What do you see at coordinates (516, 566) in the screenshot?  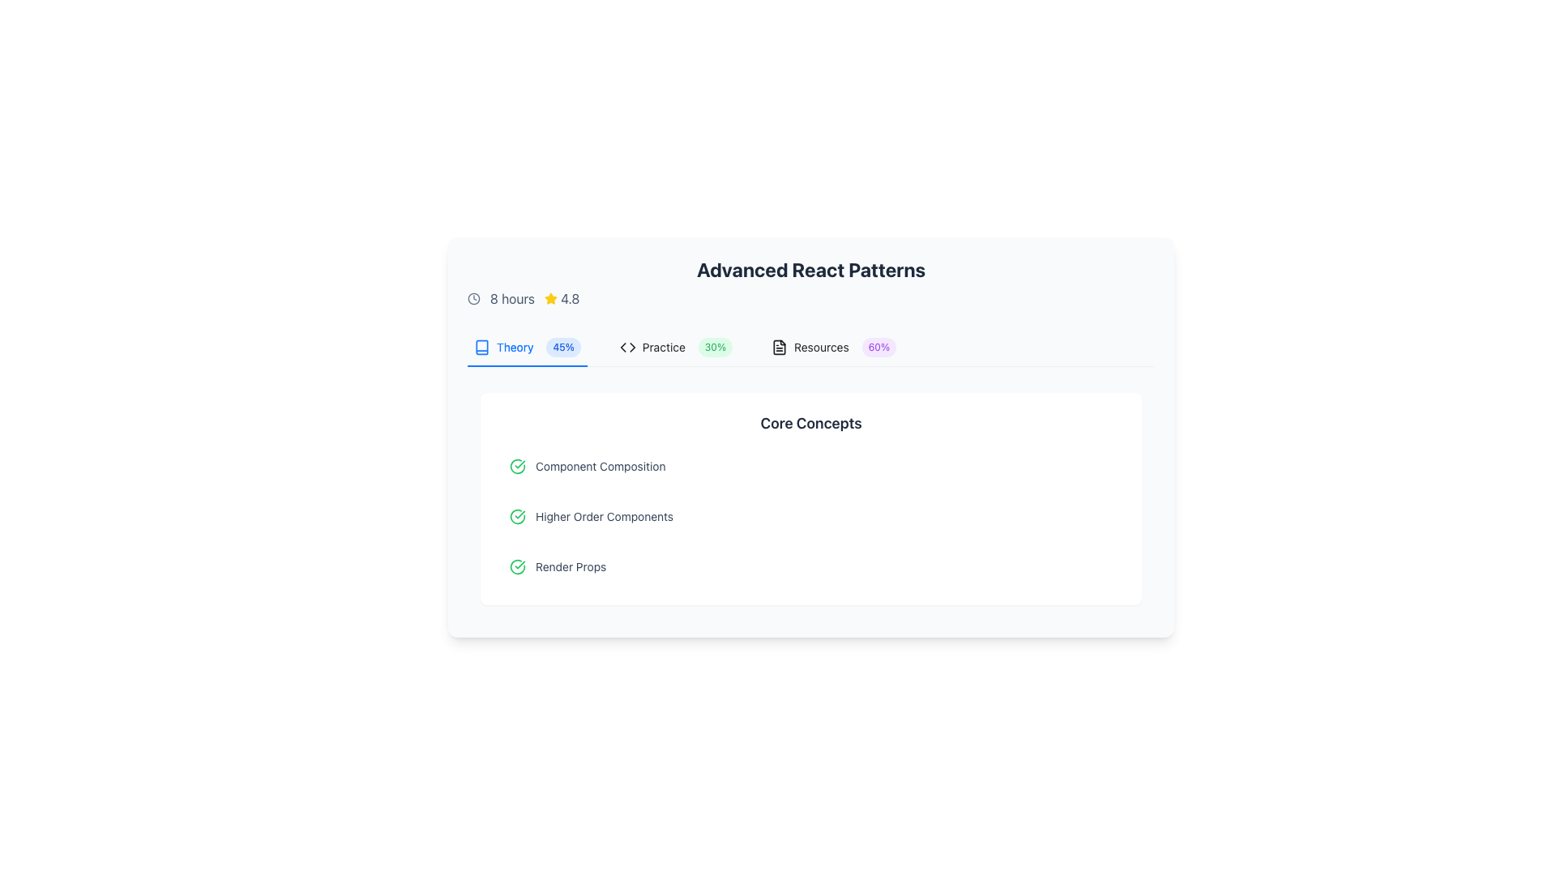 I see `the circular icon indicating a completed state related to the 'Render Props' feature, located to the left of the text 'Render Props'` at bounding box center [516, 566].